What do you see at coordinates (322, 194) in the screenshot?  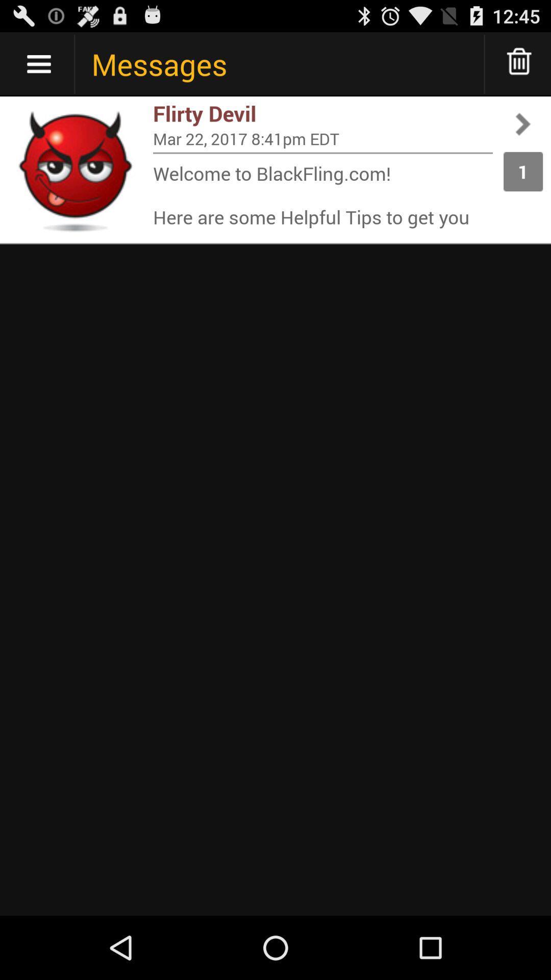 I see `the item to the left of 1 icon` at bounding box center [322, 194].